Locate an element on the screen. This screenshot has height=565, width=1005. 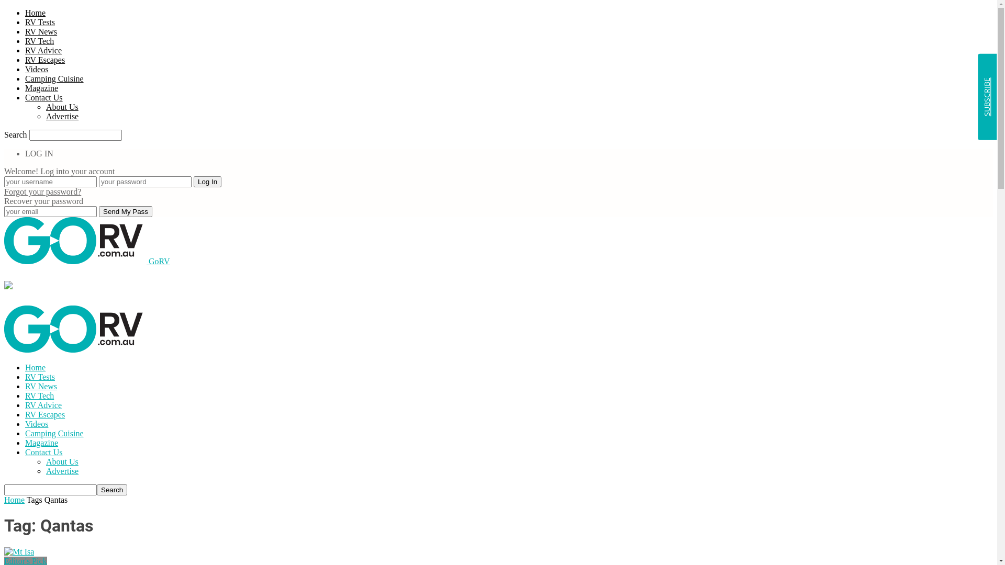
'RV Escapes' is located at coordinates (44, 414).